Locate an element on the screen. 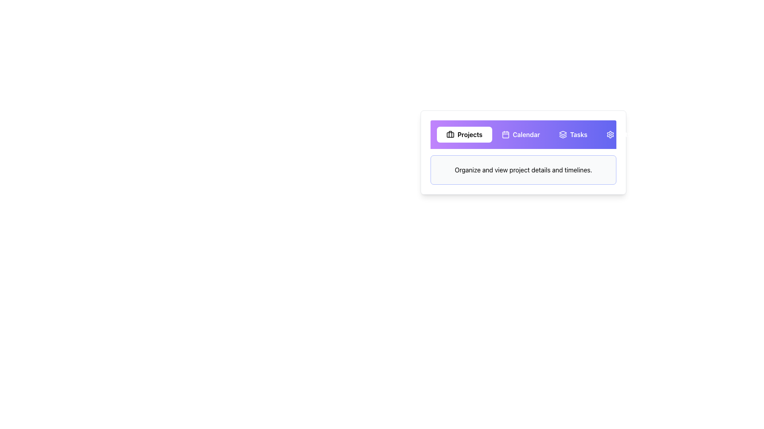 The width and height of the screenshot is (764, 429). the 'Projects' navigation tab button to show a ring outline is located at coordinates (464, 134).